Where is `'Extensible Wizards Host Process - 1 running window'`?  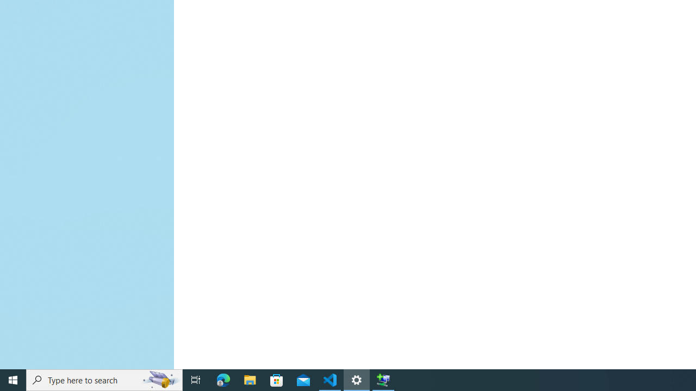
'Extensible Wizards Host Process - 1 running window' is located at coordinates (383, 379).